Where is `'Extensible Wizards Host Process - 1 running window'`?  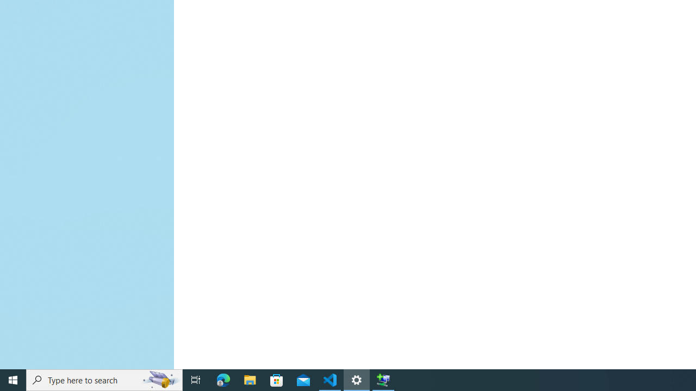
'Extensible Wizards Host Process - 1 running window' is located at coordinates (383, 379).